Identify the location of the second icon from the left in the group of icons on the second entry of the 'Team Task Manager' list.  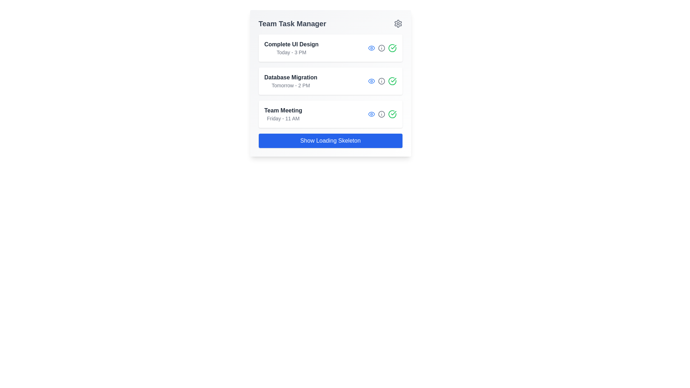
(381, 81).